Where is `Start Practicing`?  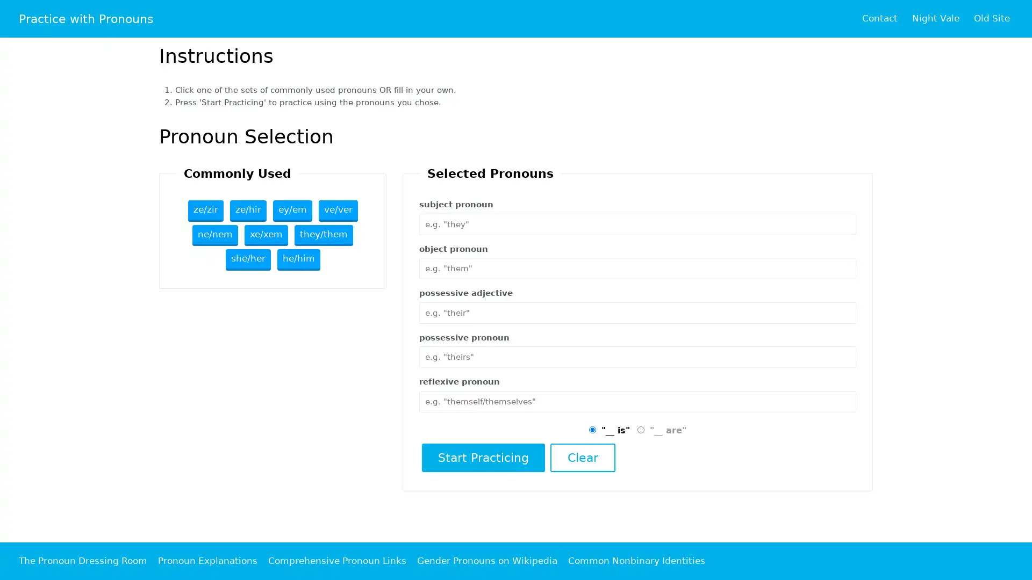
Start Practicing is located at coordinates (482, 457).